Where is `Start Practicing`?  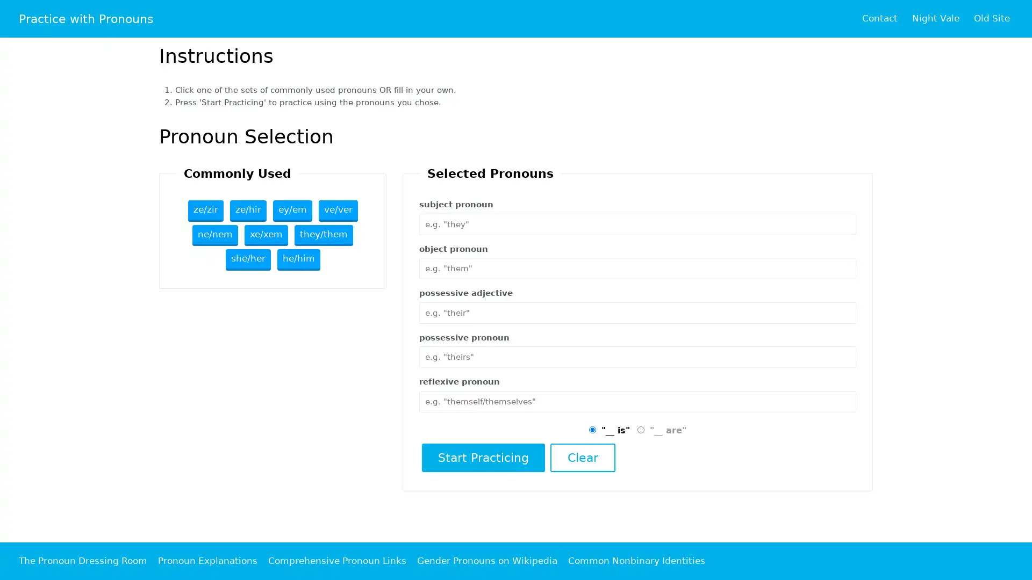
Start Practicing is located at coordinates (482, 457).